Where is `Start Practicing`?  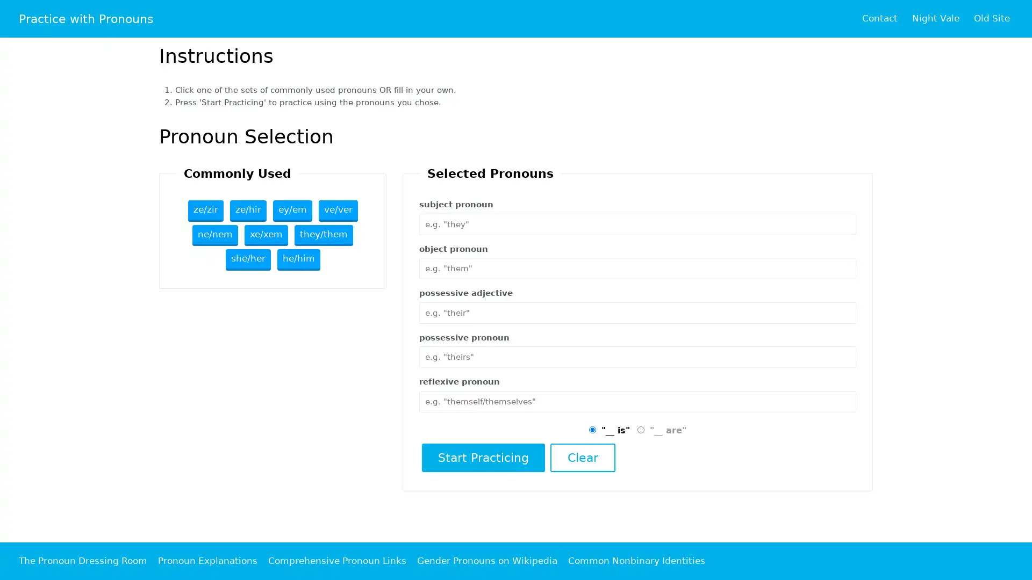
Start Practicing is located at coordinates (482, 457).